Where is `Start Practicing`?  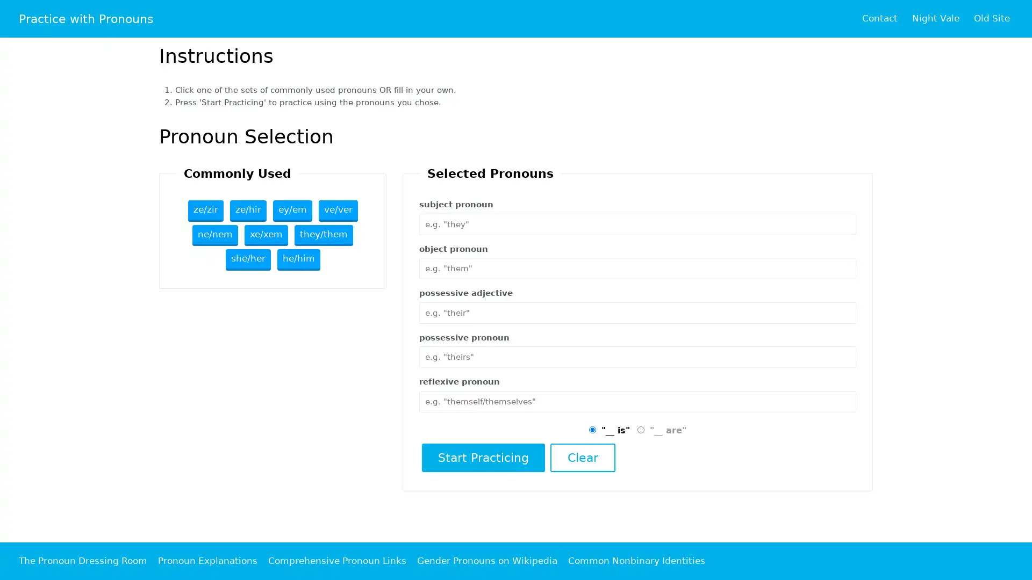
Start Practicing is located at coordinates (482, 457).